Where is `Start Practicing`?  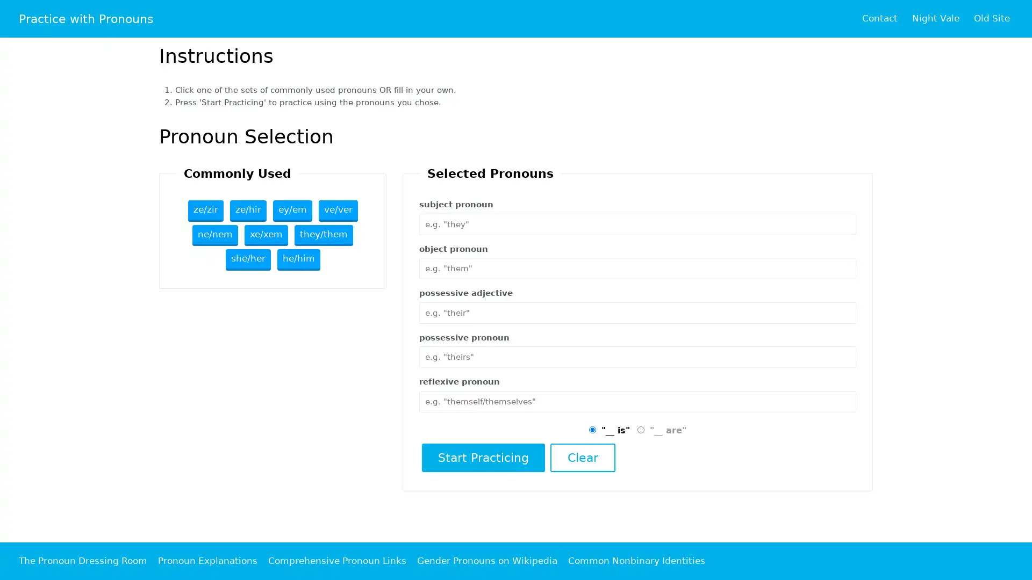
Start Practicing is located at coordinates (482, 457).